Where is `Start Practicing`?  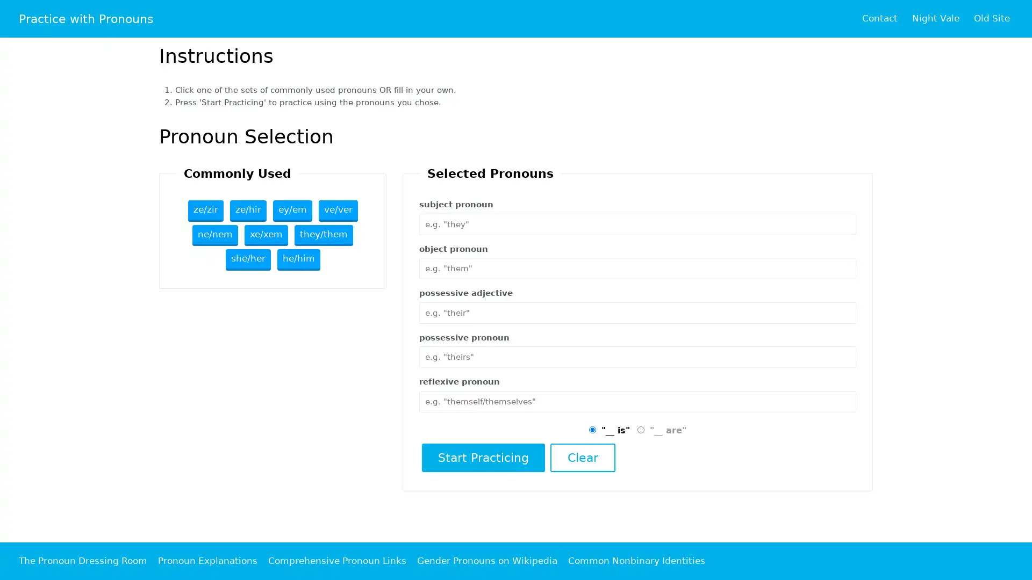
Start Practicing is located at coordinates (482, 457).